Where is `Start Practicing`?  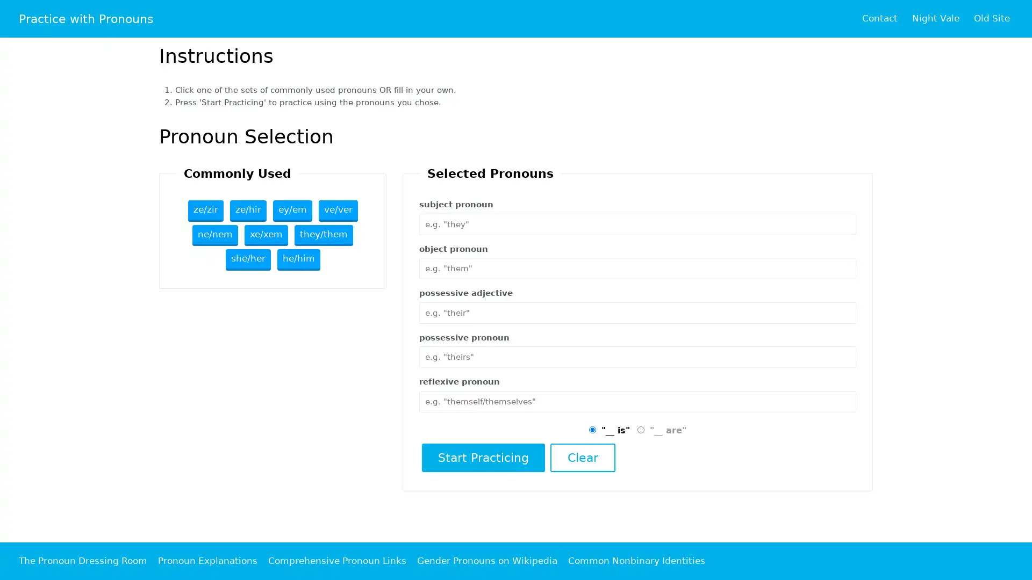
Start Practicing is located at coordinates (482, 457).